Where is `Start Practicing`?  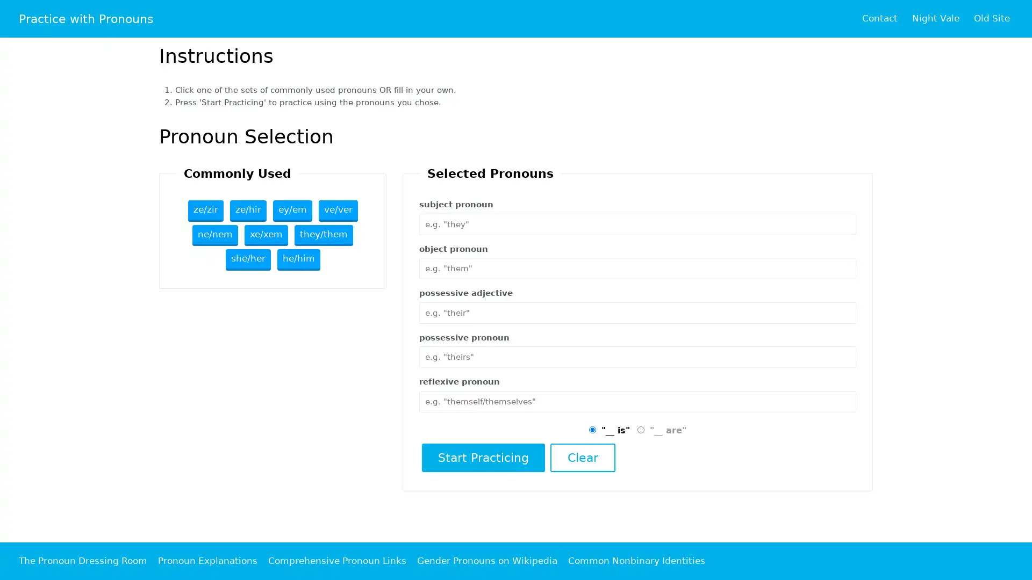
Start Practicing is located at coordinates (482, 457).